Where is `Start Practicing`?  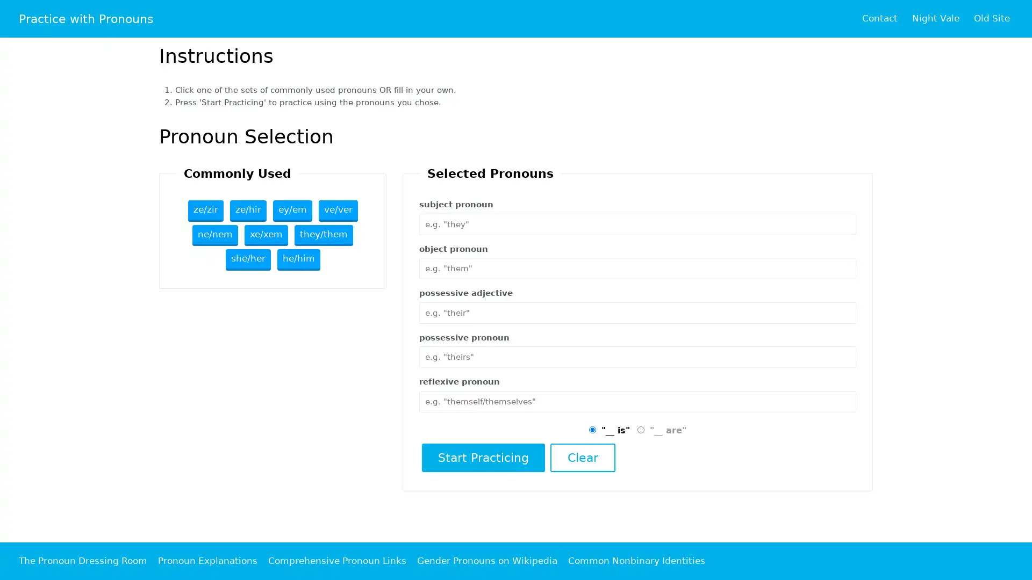
Start Practicing is located at coordinates (482, 457).